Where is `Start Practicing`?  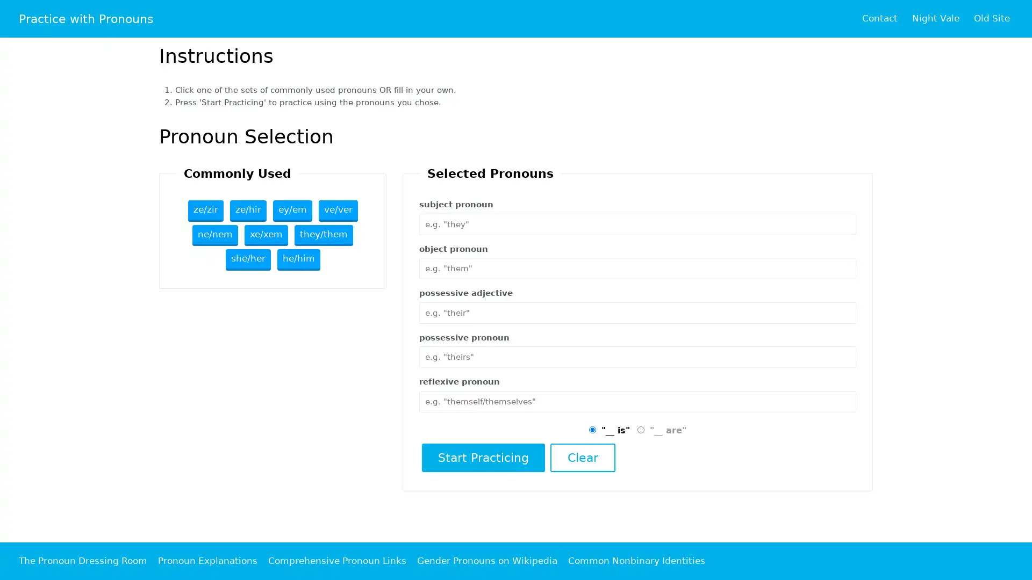
Start Practicing is located at coordinates (482, 457).